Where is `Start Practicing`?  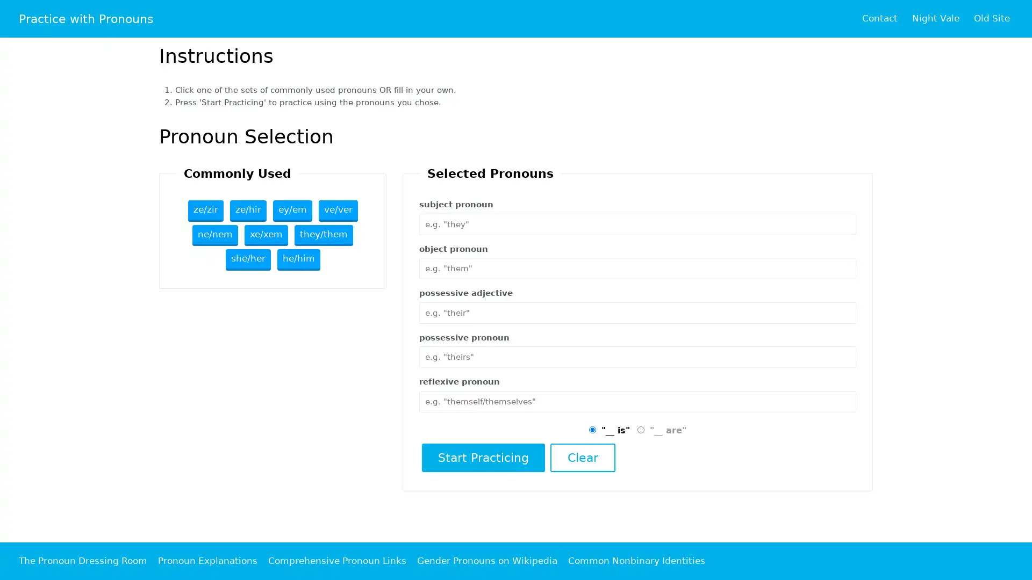
Start Practicing is located at coordinates (482, 457).